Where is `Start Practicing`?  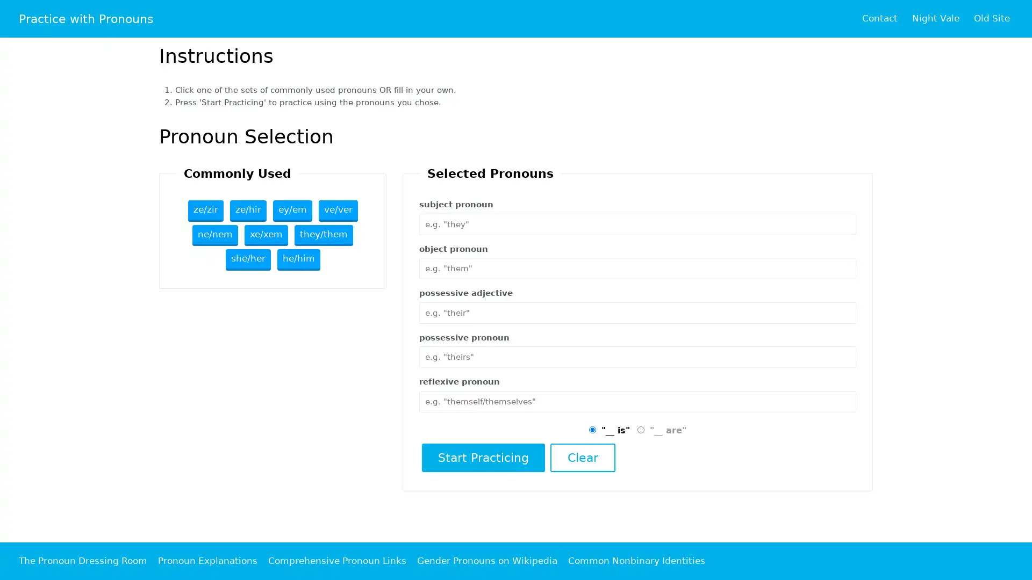
Start Practicing is located at coordinates (482, 457).